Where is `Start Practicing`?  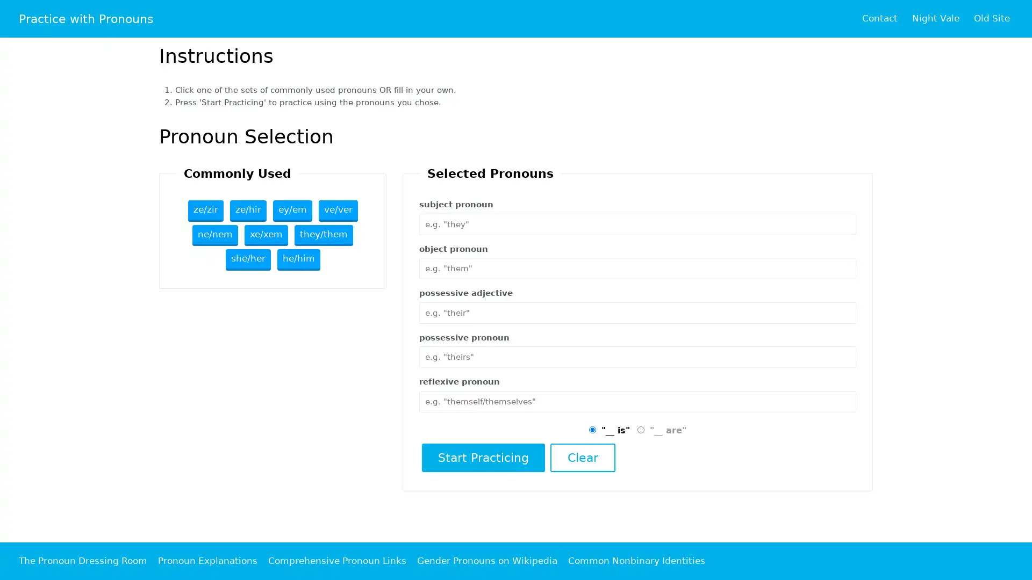
Start Practicing is located at coordinates (482, 457).